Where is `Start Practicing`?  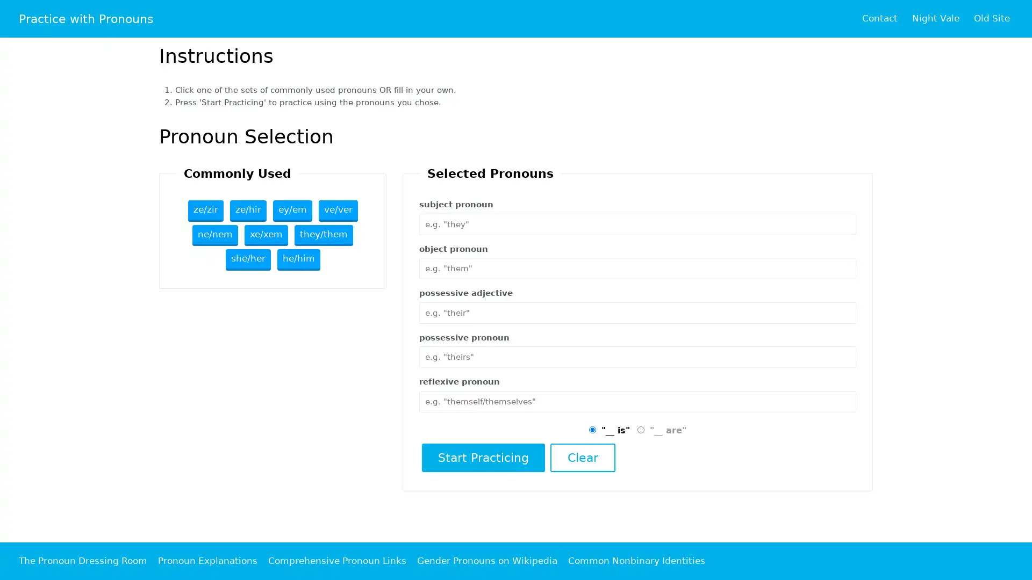
Start Practicing is located at coordinates (482, 457).